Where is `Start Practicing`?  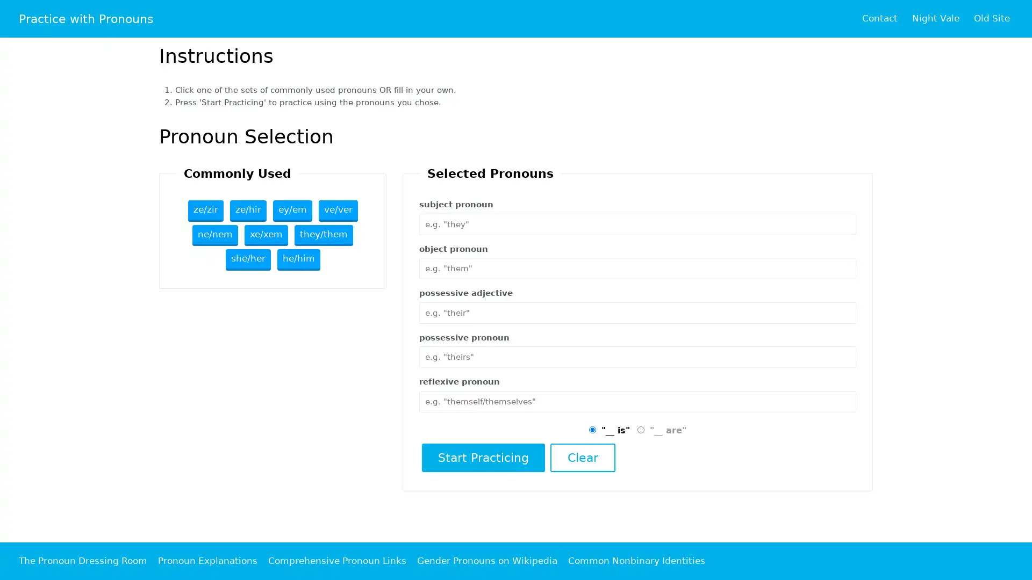
Start Practicing is located at coordinates (482, 457).